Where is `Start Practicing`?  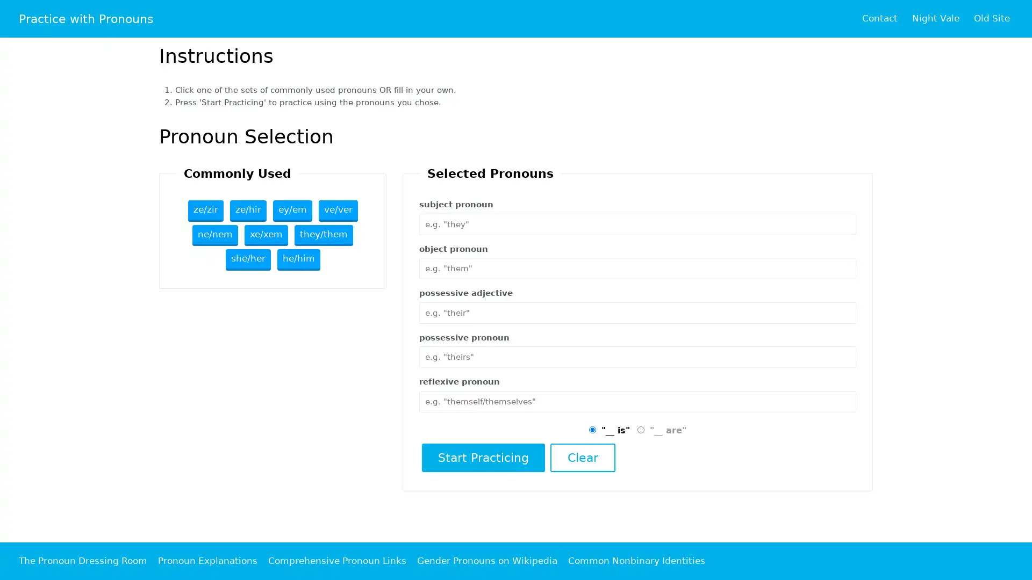
Start Practicing is located at coordinates (482, 457).